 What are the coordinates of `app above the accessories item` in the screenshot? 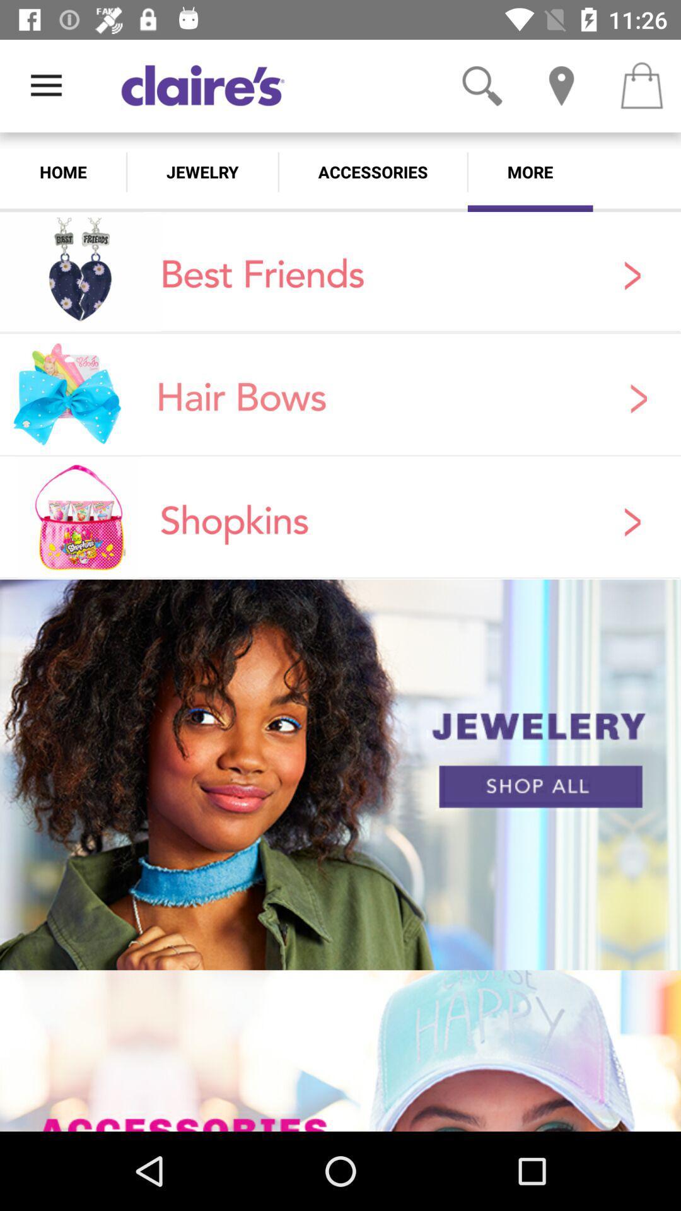 It's located at (482, 85).